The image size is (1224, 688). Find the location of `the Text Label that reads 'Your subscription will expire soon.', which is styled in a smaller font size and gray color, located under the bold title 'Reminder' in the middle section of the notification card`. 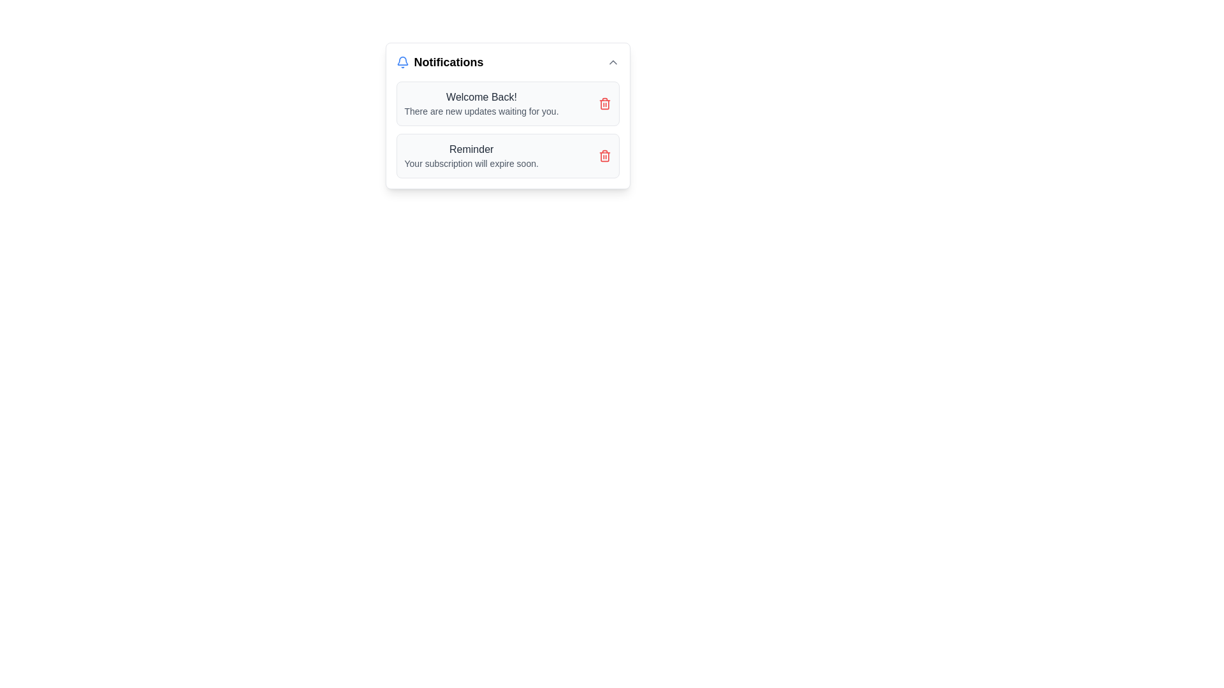

the Text Label that reads 'Your subscription will expire soon.', which is styled in a smaller font size and gray color, located under the bold title 'Reminder' in the middle section of the notification card is located at coordinates (470, 163).